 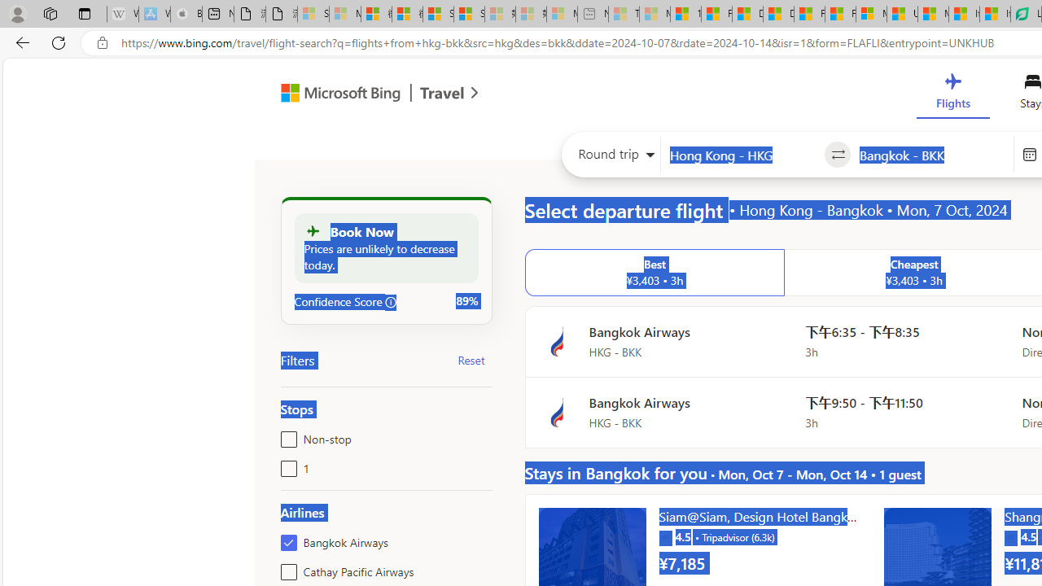 What do you see at coordinates (932, 155) in the screenshot?
I see `'Going to?'` at bounding box center [932, 155].